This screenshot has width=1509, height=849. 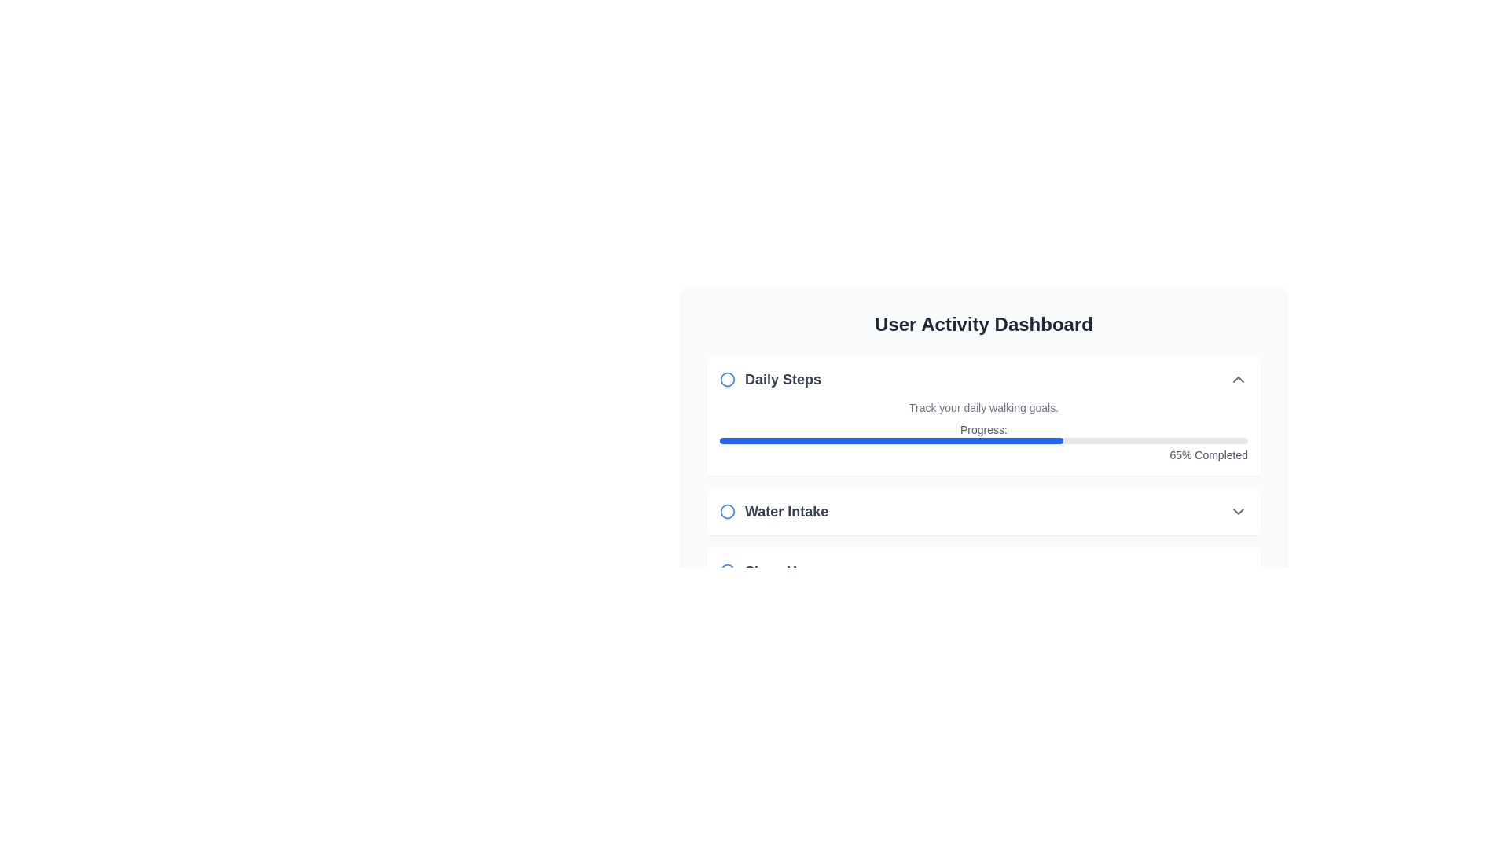 I want to click on the progress bar of the daily step tracking card-like section located in the User Activity Dashboard, so click(x=983, y=475).